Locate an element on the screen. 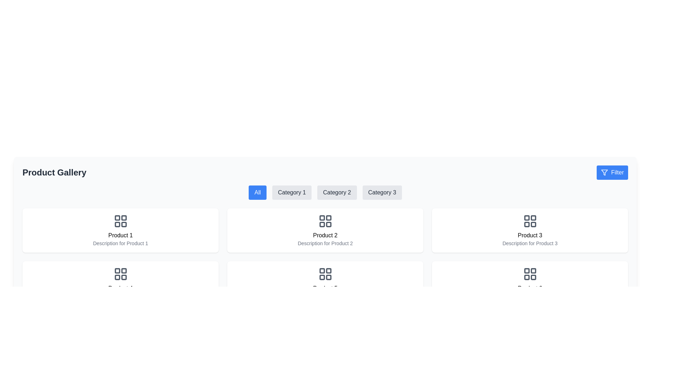  the Card in the top-right section of the grid layout, which features a centered grid icon and the text 'Product 3' with its description below is located at coordinates (530, 230).